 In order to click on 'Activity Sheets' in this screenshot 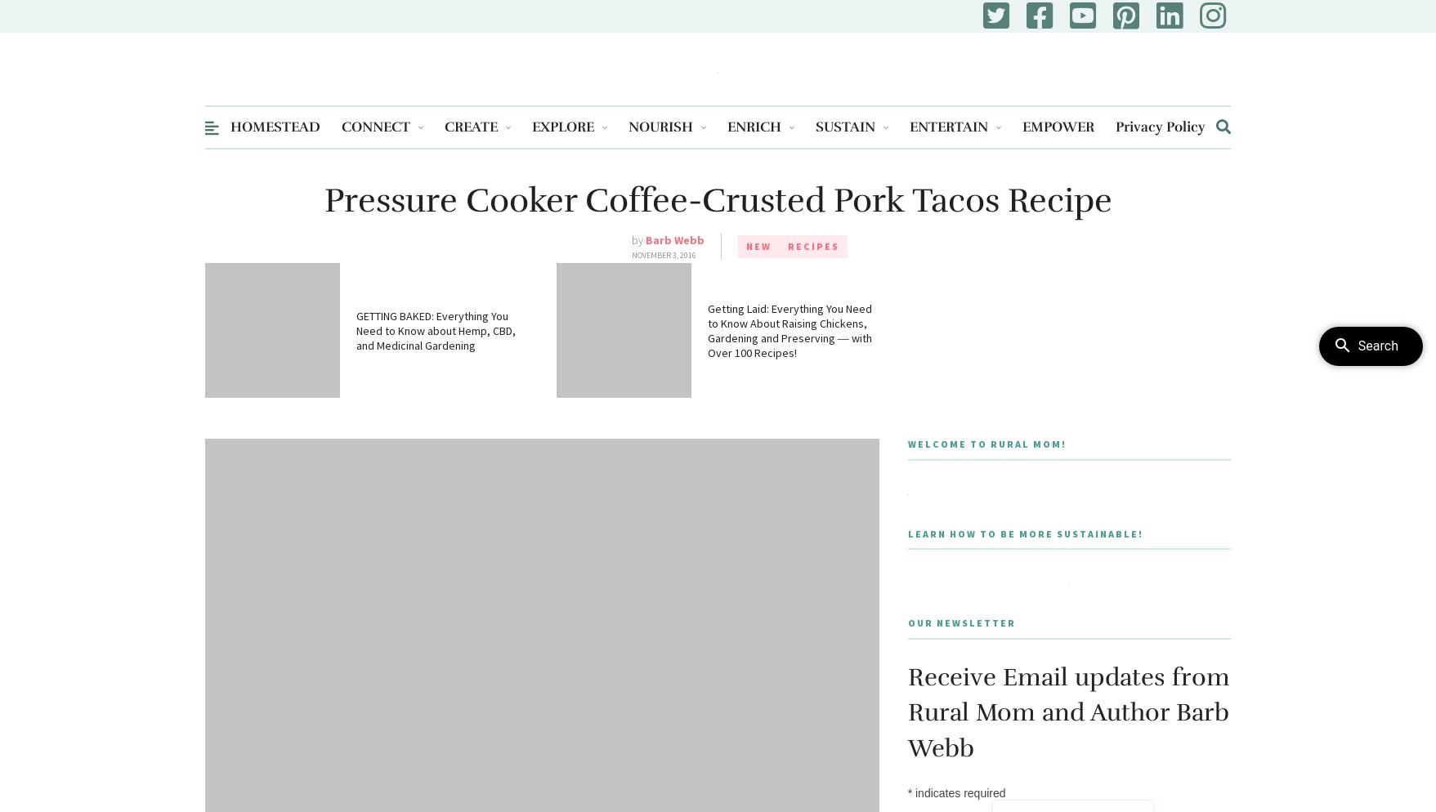, I will do `click(486, 167)`.